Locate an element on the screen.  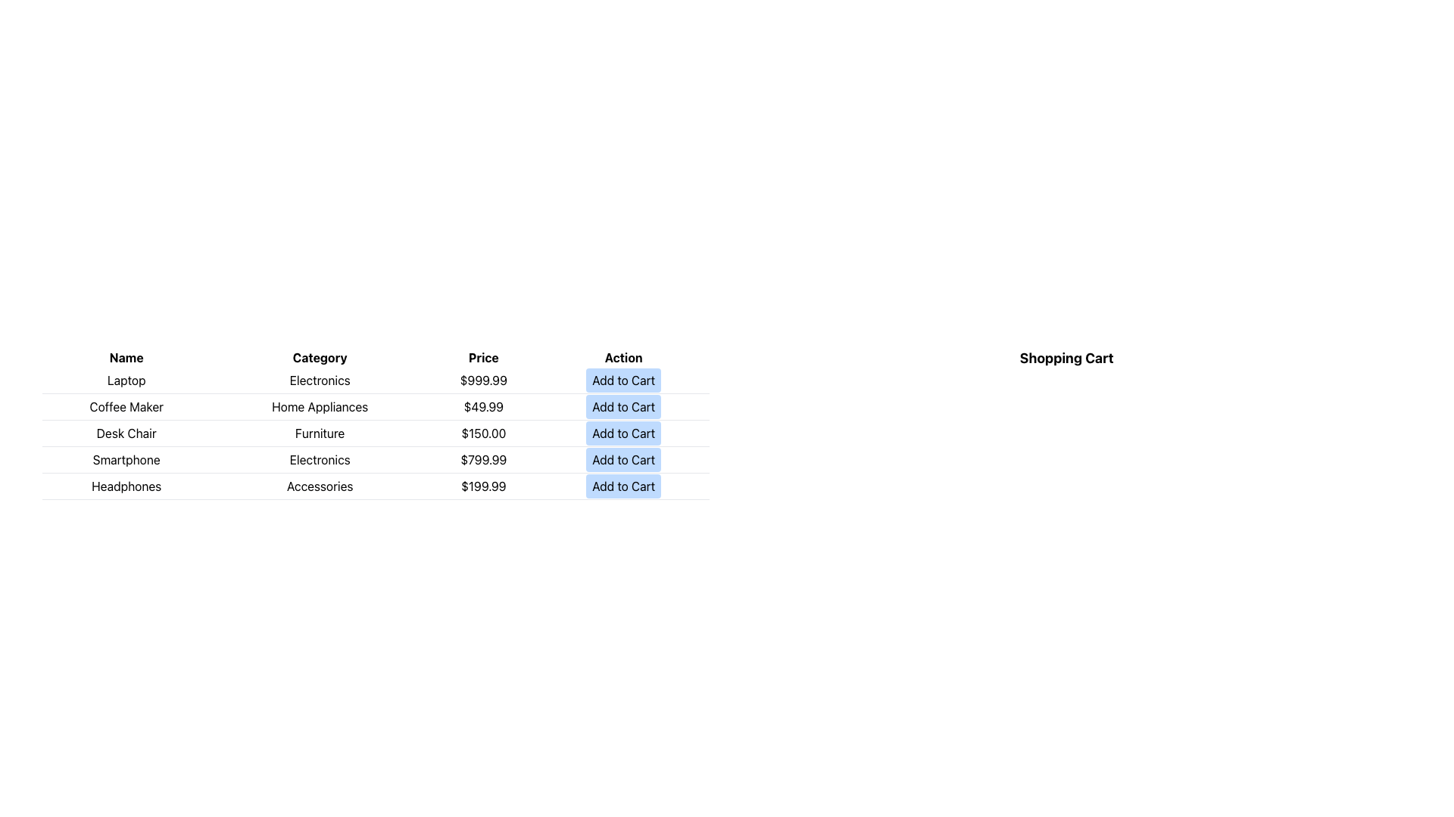
the 'Add to Cart' button with a blue background and rounded edges located in the 'Action' column of the table for the item 'Desk Chair' is located at coordinates (623, 433).